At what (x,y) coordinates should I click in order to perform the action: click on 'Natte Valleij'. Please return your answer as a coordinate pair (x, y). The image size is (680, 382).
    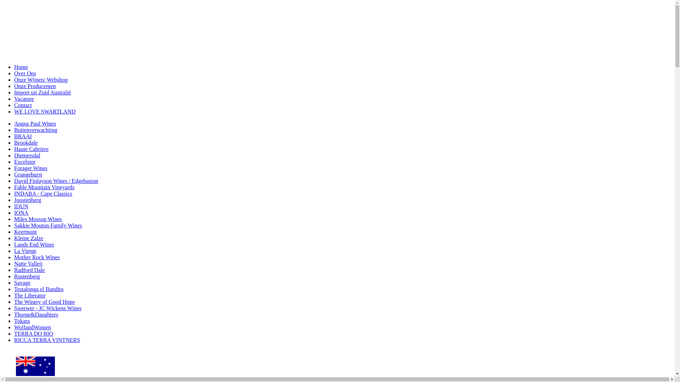
    Looking at the image, I should click on (28, 264).